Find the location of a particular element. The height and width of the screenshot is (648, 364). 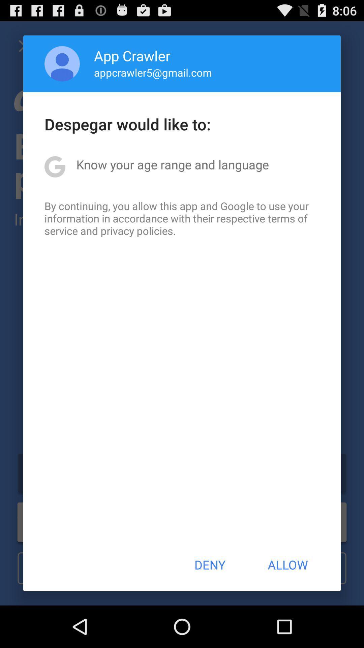

item at the bottom is located at coordinates (209, 565).